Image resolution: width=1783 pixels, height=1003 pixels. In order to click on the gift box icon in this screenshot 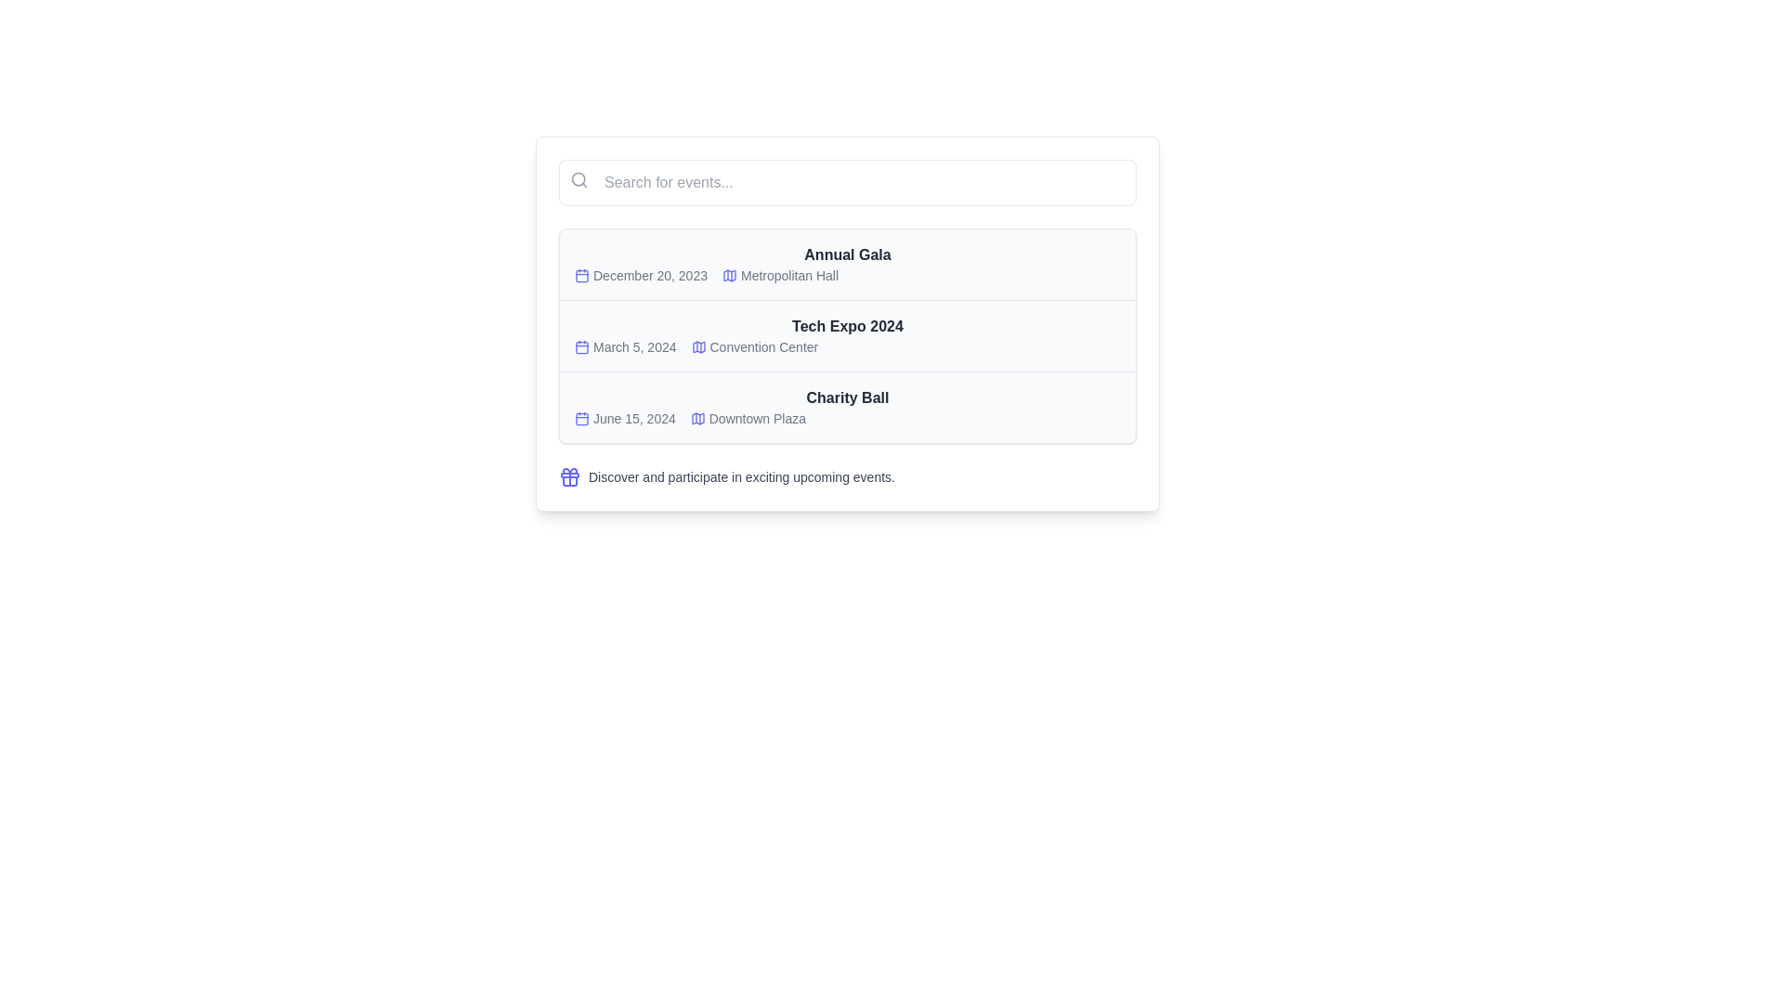, I will do `click(569, 475)`.